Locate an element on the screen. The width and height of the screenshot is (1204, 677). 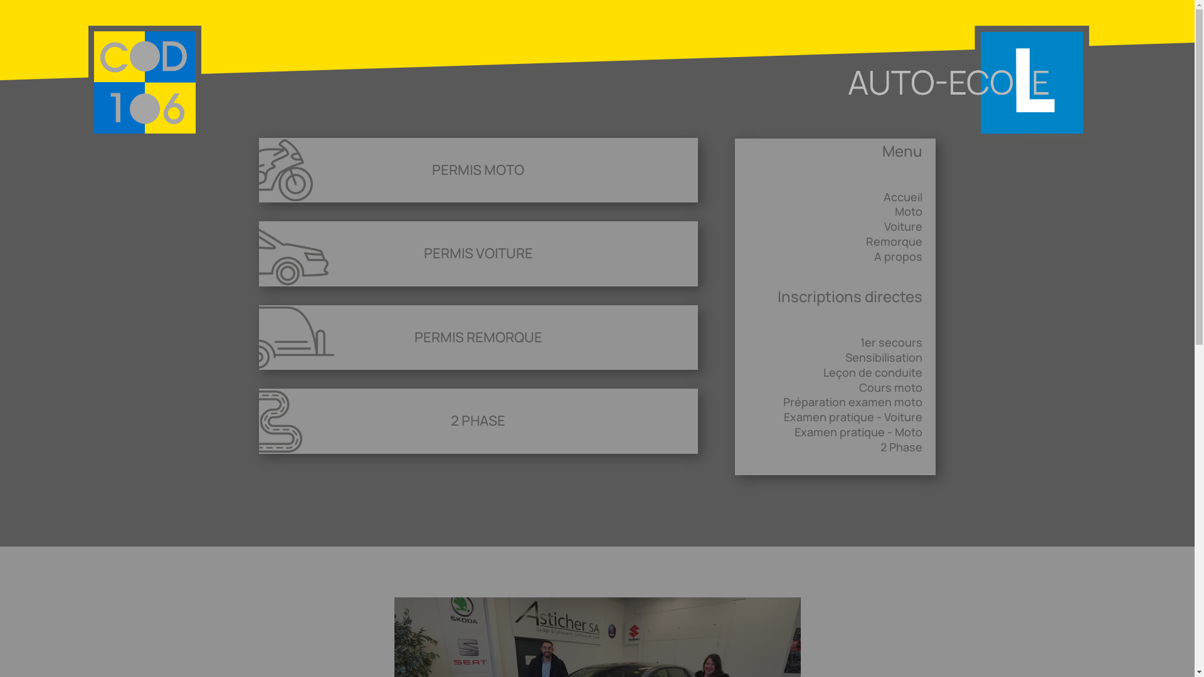
'Sensibilisation' is located at coordinates (845, 357).